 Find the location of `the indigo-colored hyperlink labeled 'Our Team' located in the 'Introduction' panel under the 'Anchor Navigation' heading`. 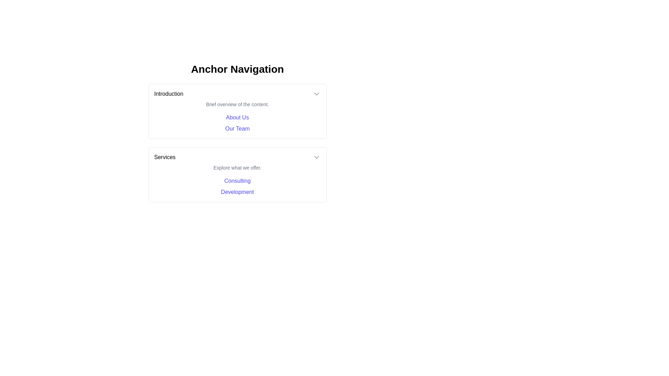

the indigo-colored hyperlink labeled 'Our Team' located in the 'Introduction' panel under the 'Anchor Navigation' heading is located at coordinates (237, 128).